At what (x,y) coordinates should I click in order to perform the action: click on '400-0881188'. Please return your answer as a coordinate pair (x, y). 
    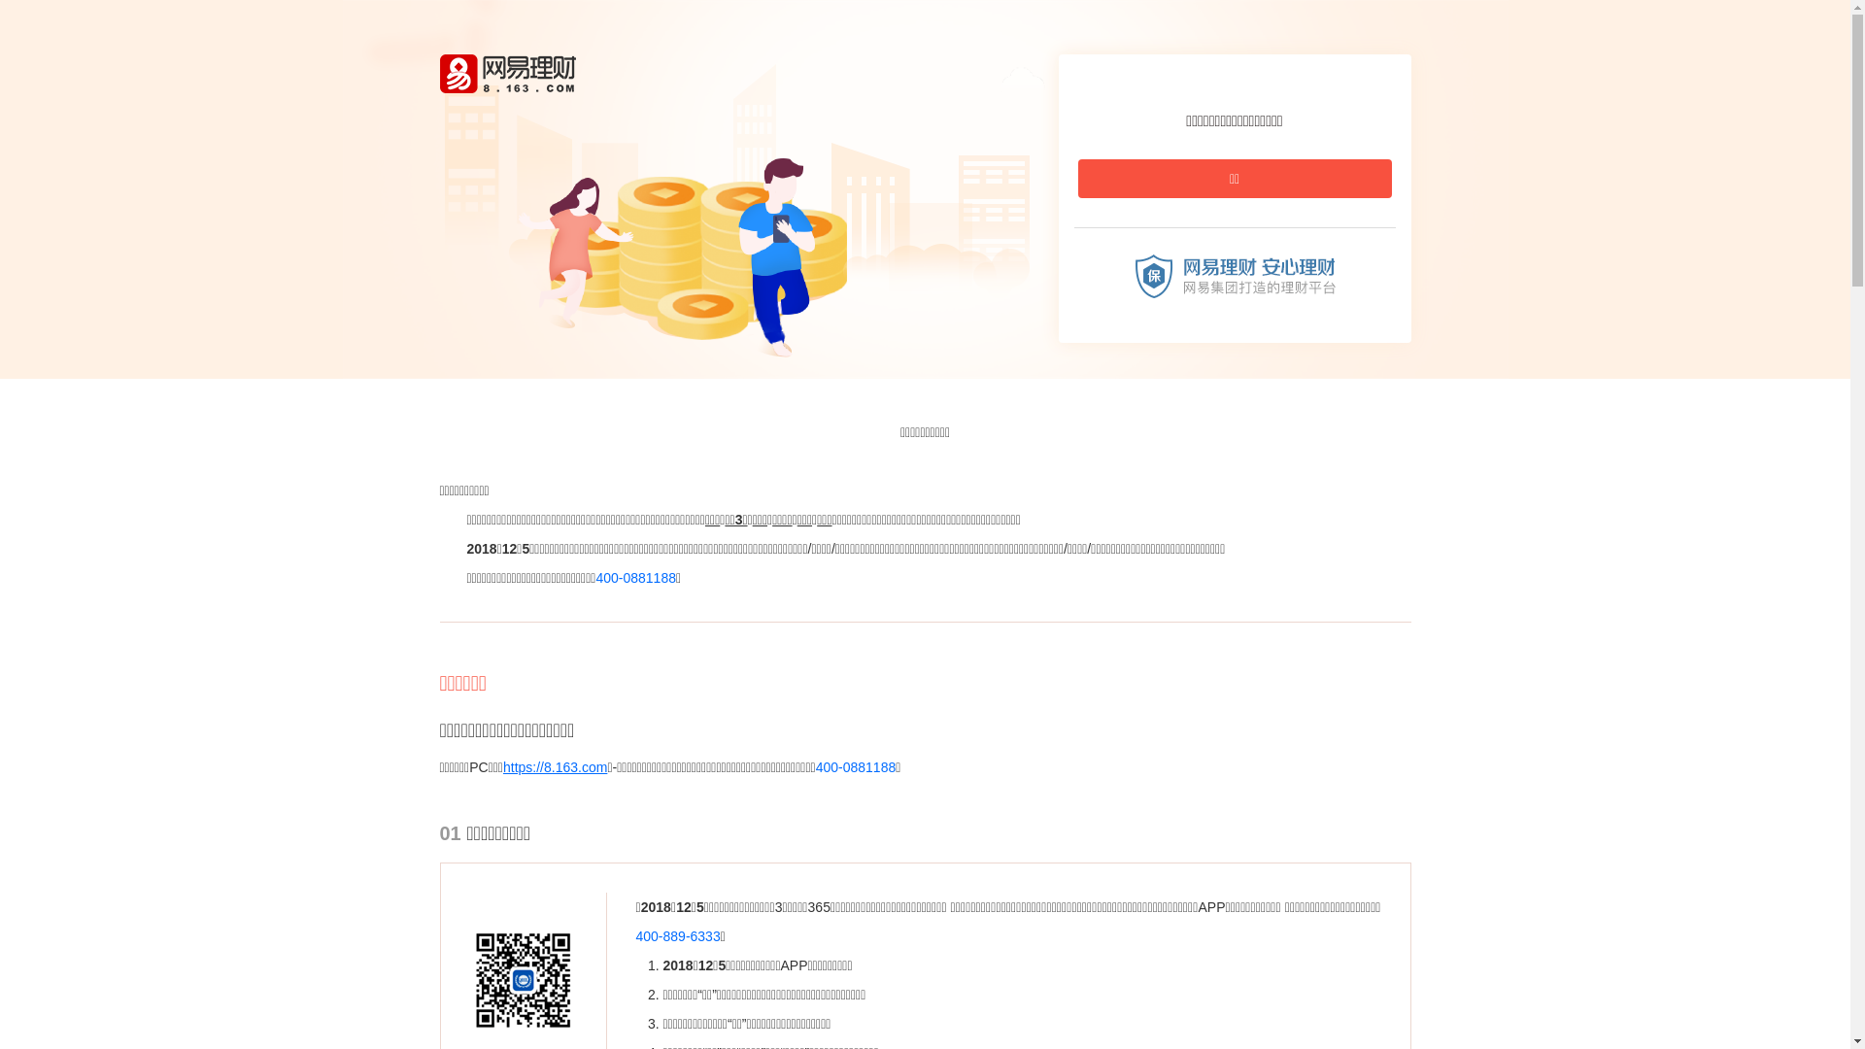
    Looking at the image, I should click on (635, 576).